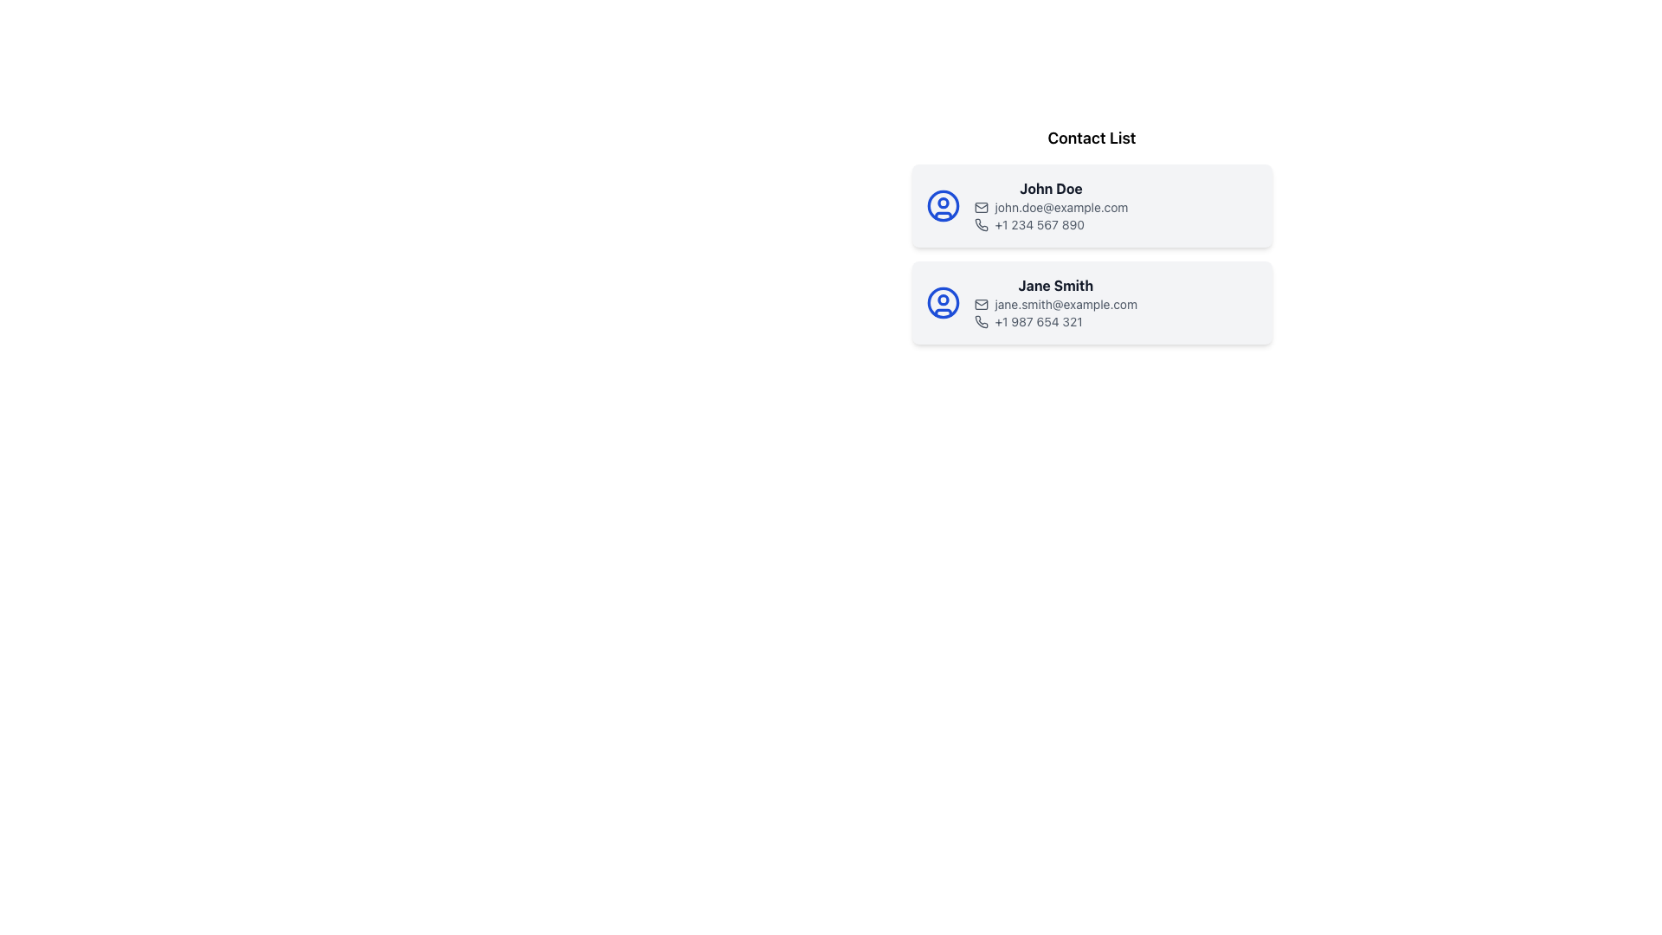 The width and height of the screenshot is (1662, 935). What do you see at coordinates (1054, 303) in the screenshot?
I see `the text label displaying the email address for the contact 'Jane Smith', which is located beneath the name 'Jane Smith' and above the phone number '+1 987 654 321'` at bounding box center [1054, 303].